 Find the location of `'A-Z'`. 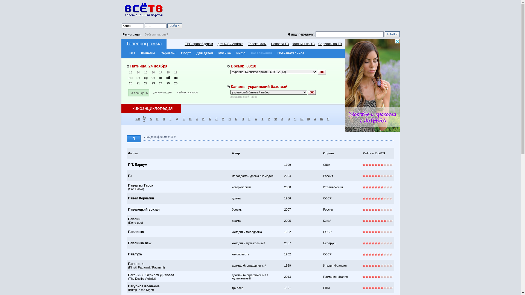

'A-Z' is located at coordinates (144, 119).